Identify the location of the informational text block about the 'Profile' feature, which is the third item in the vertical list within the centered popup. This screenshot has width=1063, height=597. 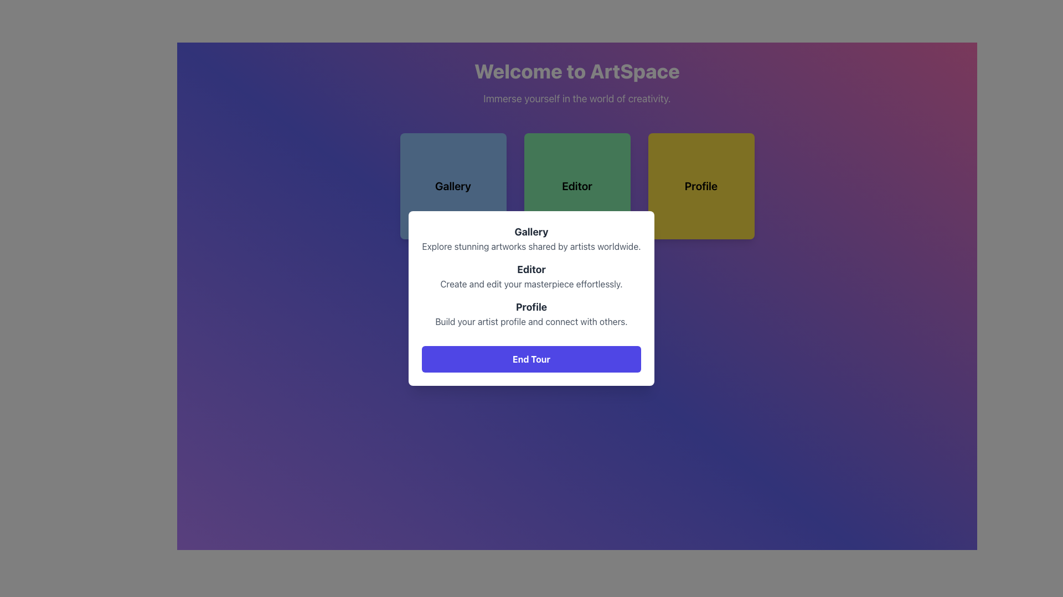
(531, 313).